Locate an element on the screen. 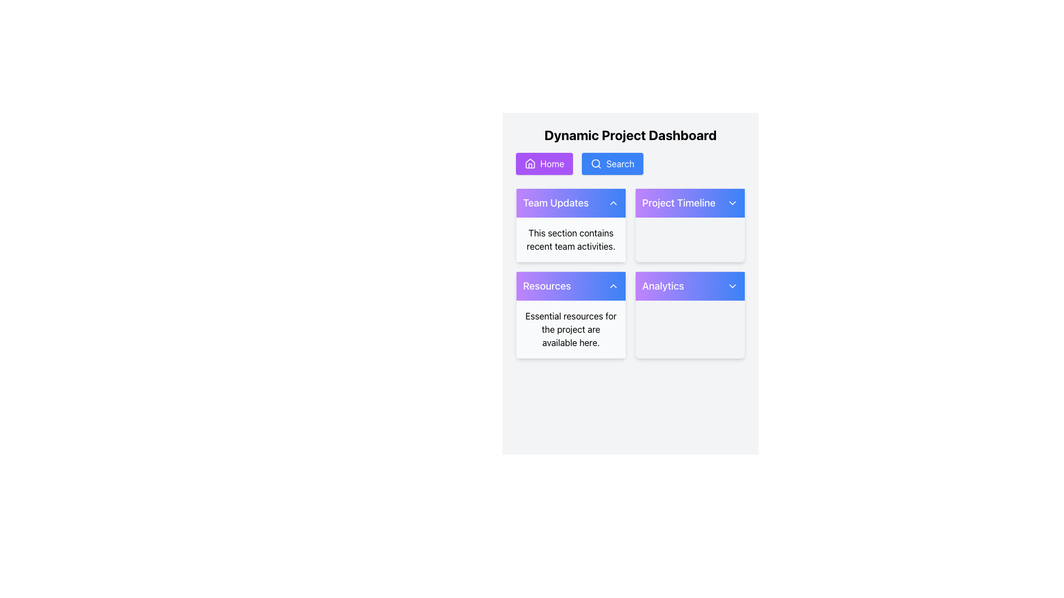 This screenshot has height=598, width=1064. the 'Analytics' text label, which is styled in a larger font size with a white color on a blue-purple gradient background, located in the lower right card-like visual group is located at coordinates (663, 285).